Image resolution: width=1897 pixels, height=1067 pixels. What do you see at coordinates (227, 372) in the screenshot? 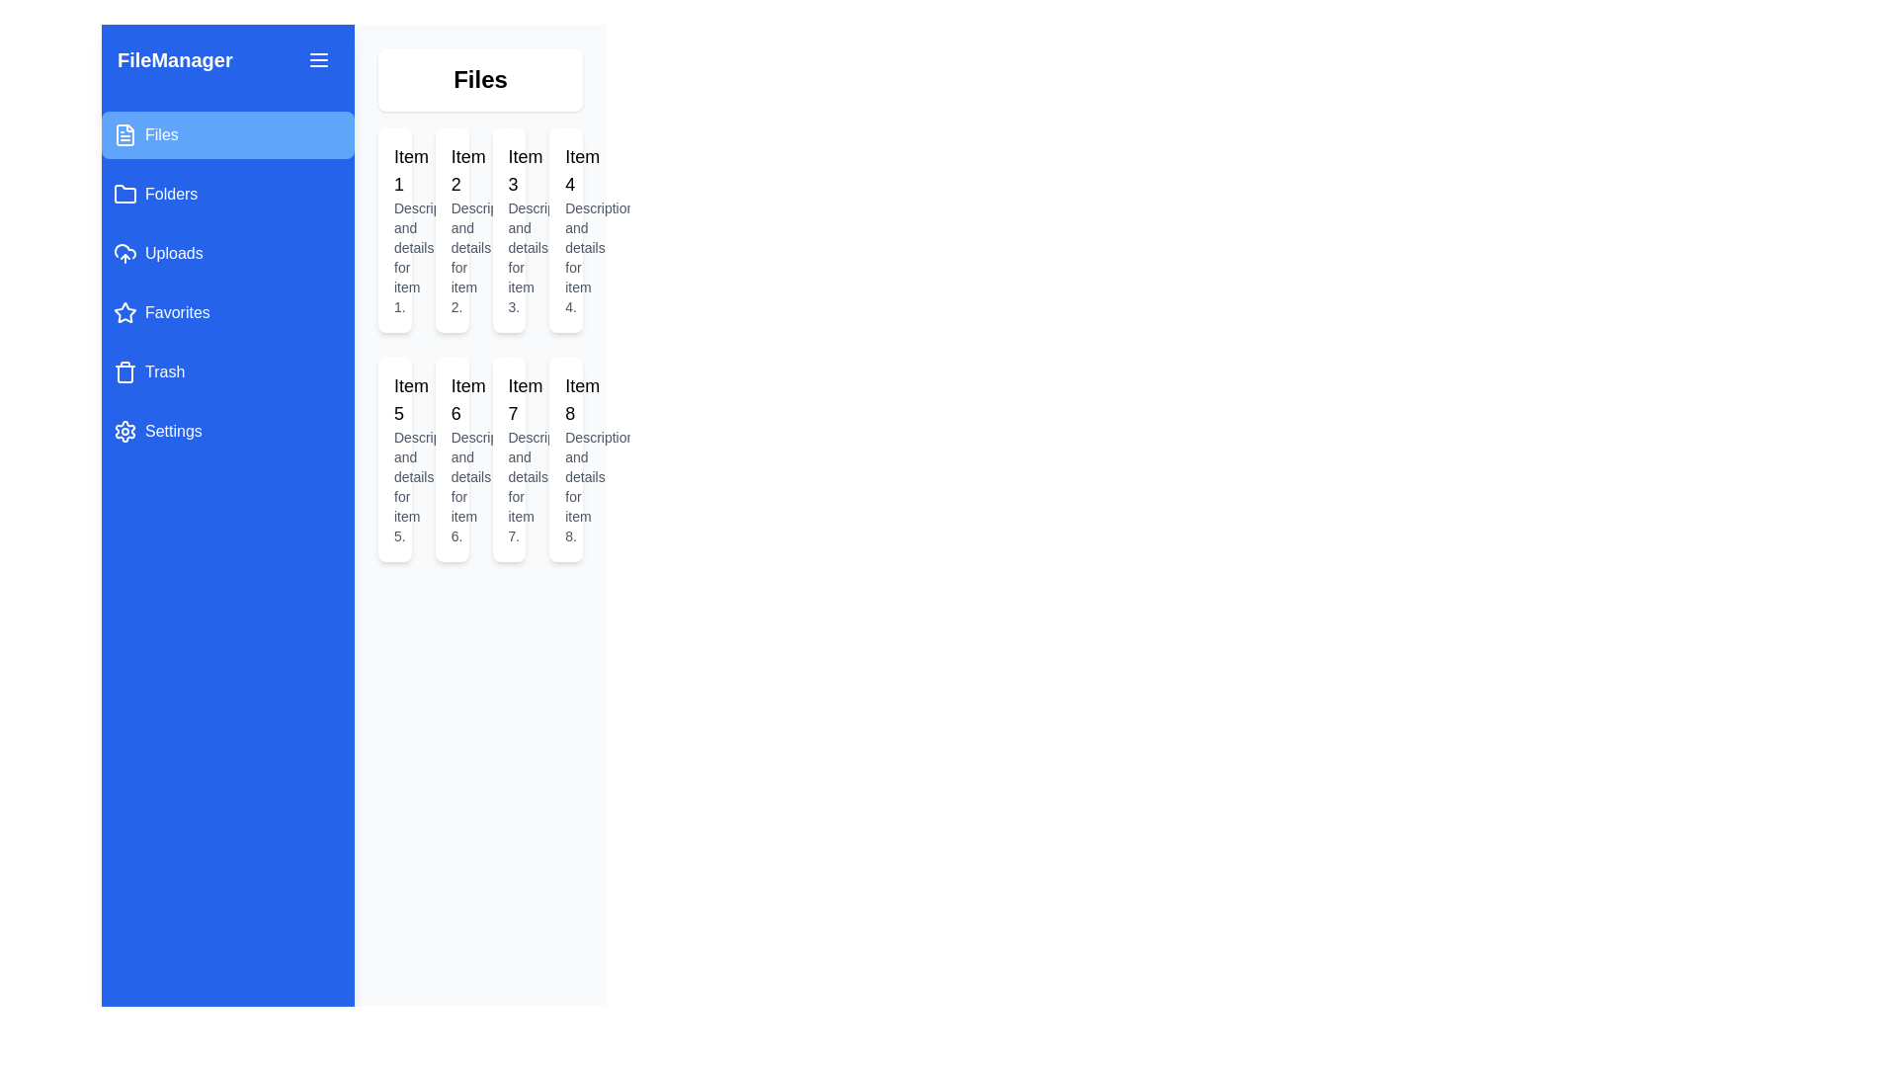
I see `the navigation button for accessing deleted items in the left-side menu` at bounding box center [227, 372].